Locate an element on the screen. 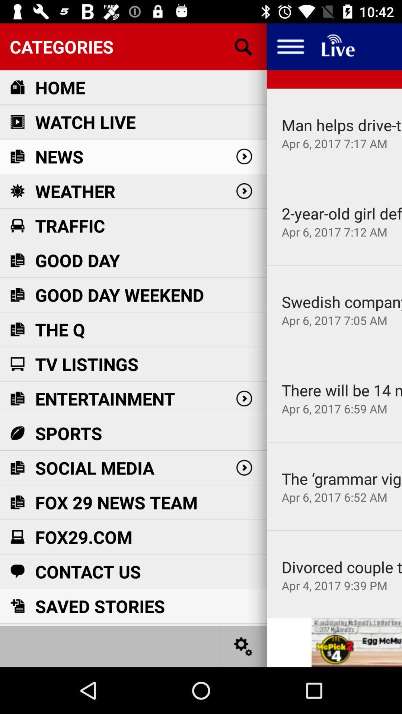 The width and height of the screenshot is (402, 714). live coverage button is located at coordinates (337, 46).